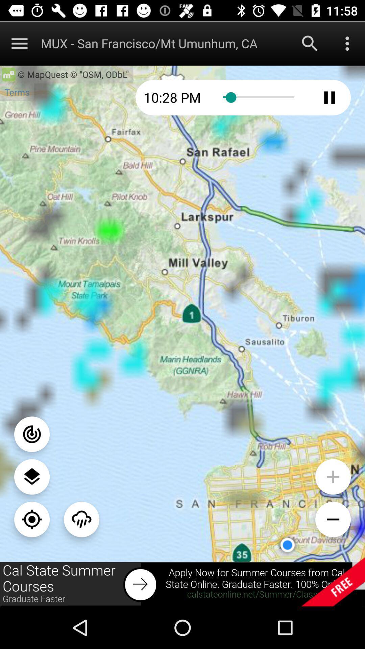 This screenshot has height=649, width=365. What do you see at coordinates (19, 43) in the screenshot?
I see `menu` at bounding box center [19, 43].